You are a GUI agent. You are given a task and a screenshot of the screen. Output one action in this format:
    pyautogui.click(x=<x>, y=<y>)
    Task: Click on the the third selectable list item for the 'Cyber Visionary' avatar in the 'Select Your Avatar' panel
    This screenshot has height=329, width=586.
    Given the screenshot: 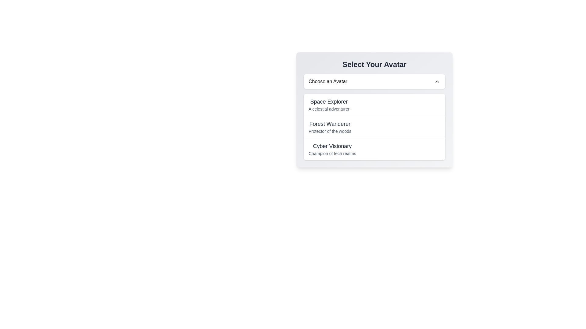 What is the action you would take?
    pyautogui.click(x=332, y=149)
    